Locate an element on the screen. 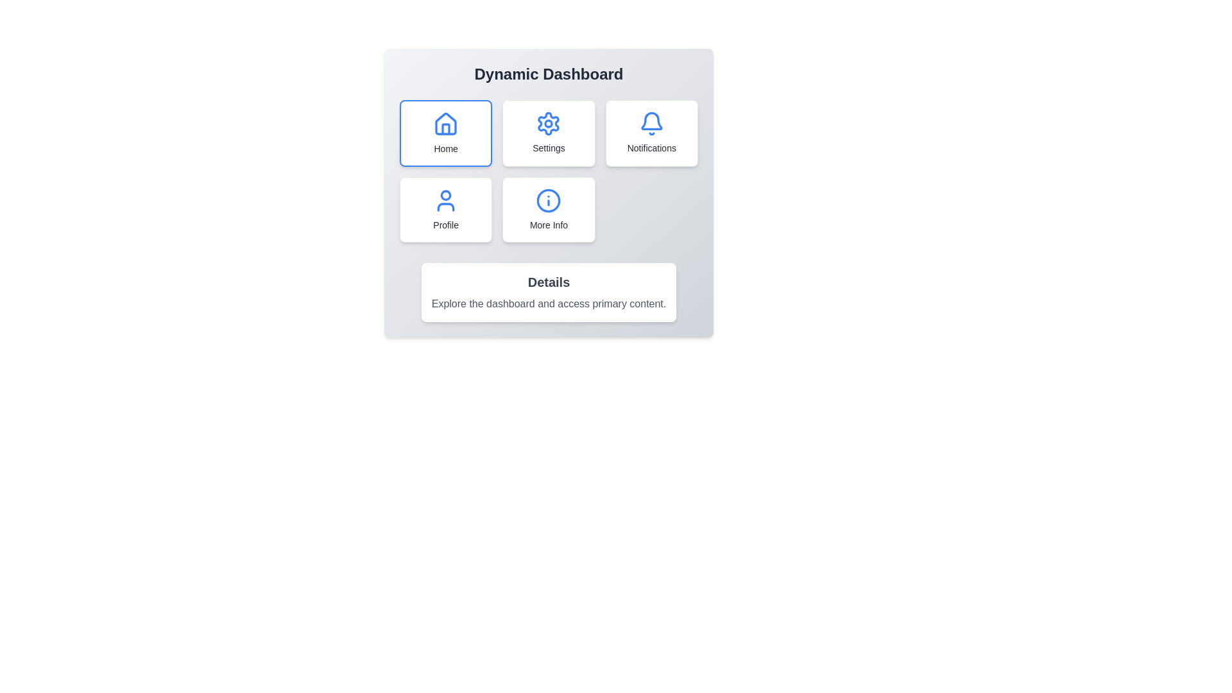 The width and height of the screenshot is (1232, 693). the 'Notifications' text label, which is styled with a gray color and located below the blue bell icon within the Notifications card in the top-right corner of the grid layout is located at coordinates (651, 148).